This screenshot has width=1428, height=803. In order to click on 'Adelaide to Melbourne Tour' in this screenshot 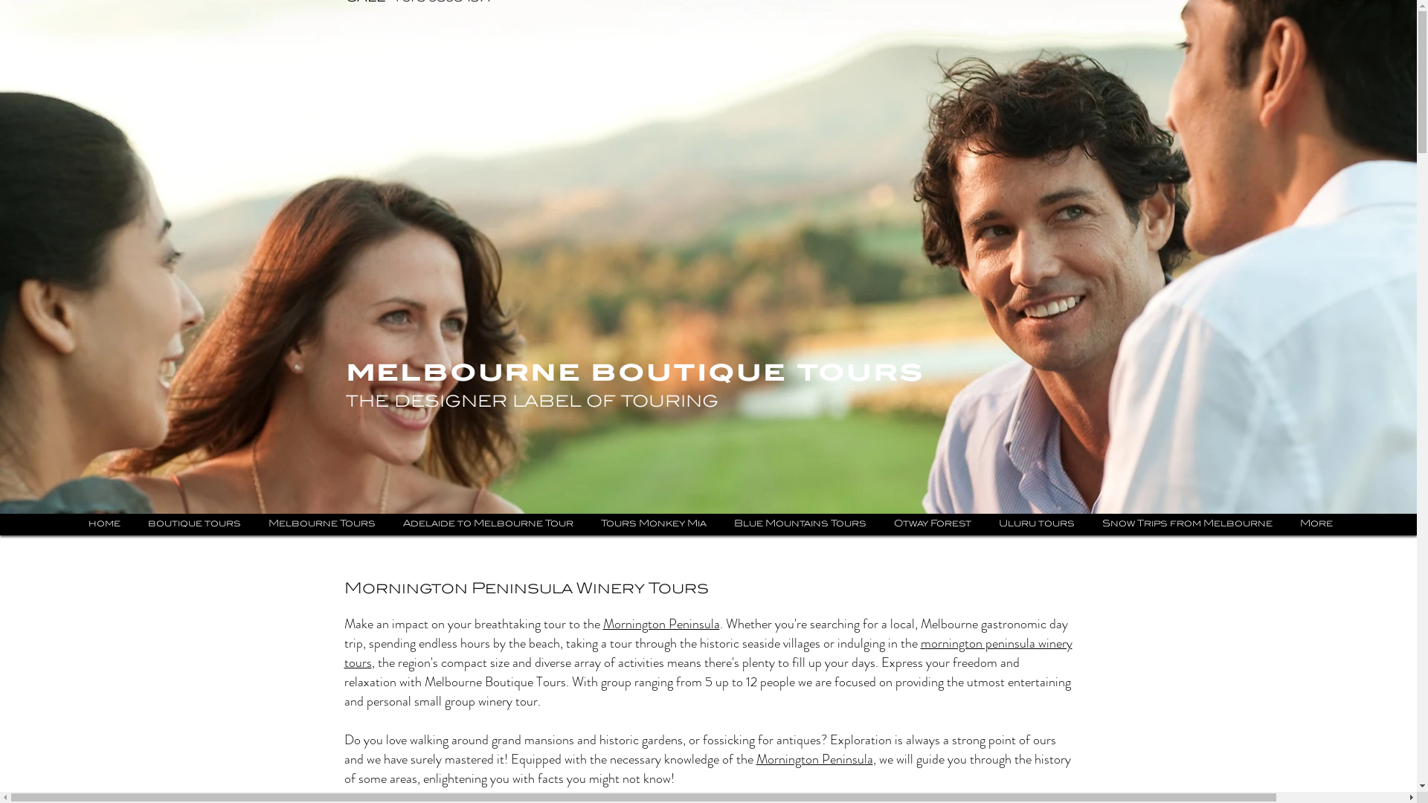, I will do `click(391, 523)`.